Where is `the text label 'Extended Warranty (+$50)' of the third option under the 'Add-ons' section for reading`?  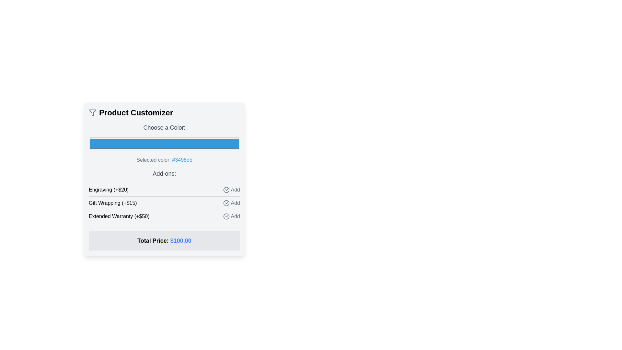 the text label 'Extended Warranty (+$50)' of the third option under the 'Add-ons' section for reading is located at coordinates (164, 216).